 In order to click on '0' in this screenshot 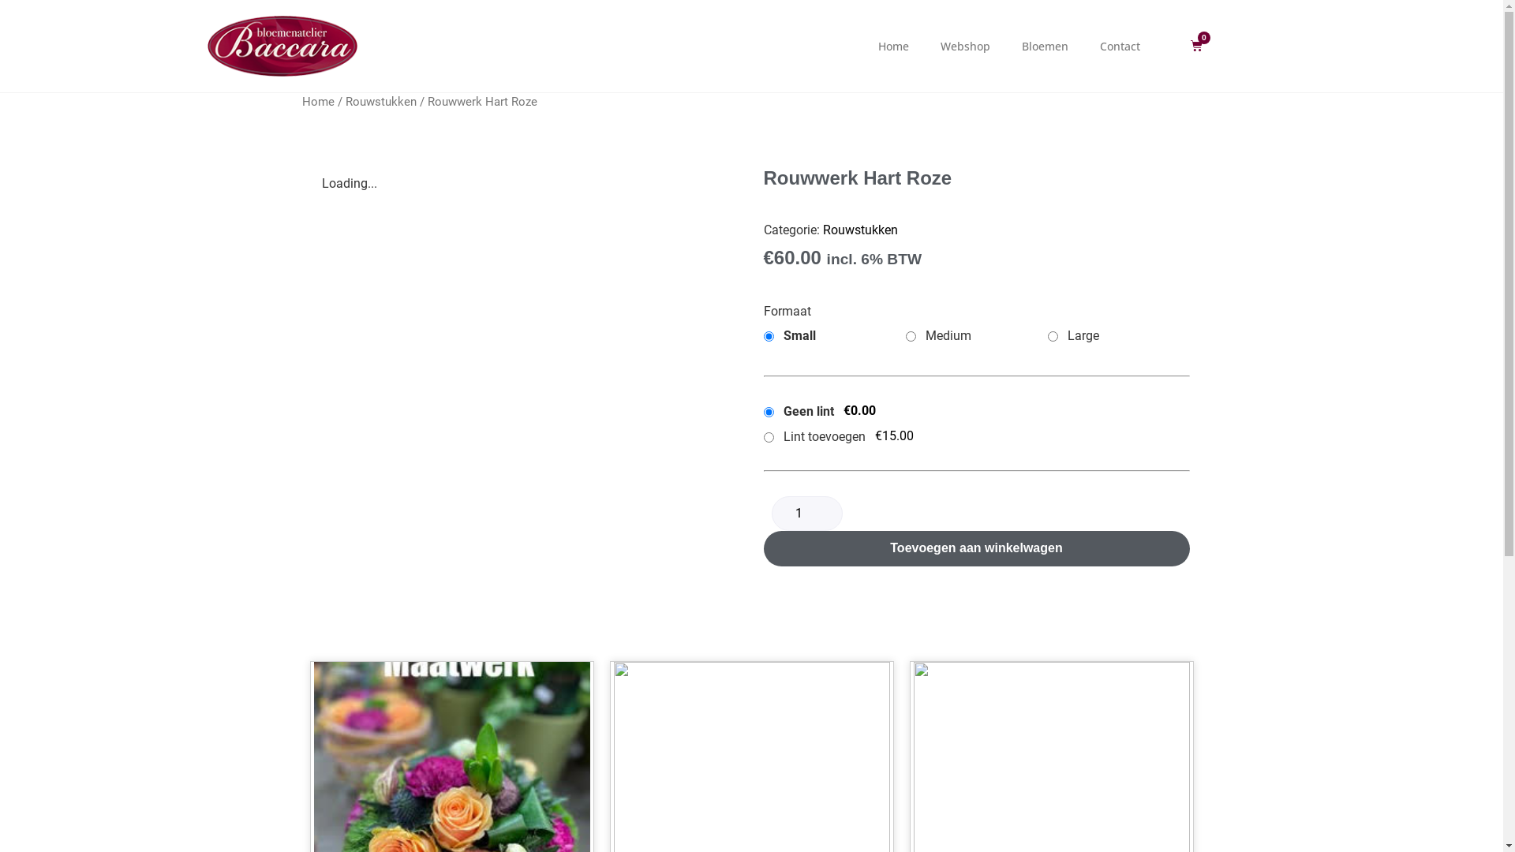, I will do `click(1196, 44)`.